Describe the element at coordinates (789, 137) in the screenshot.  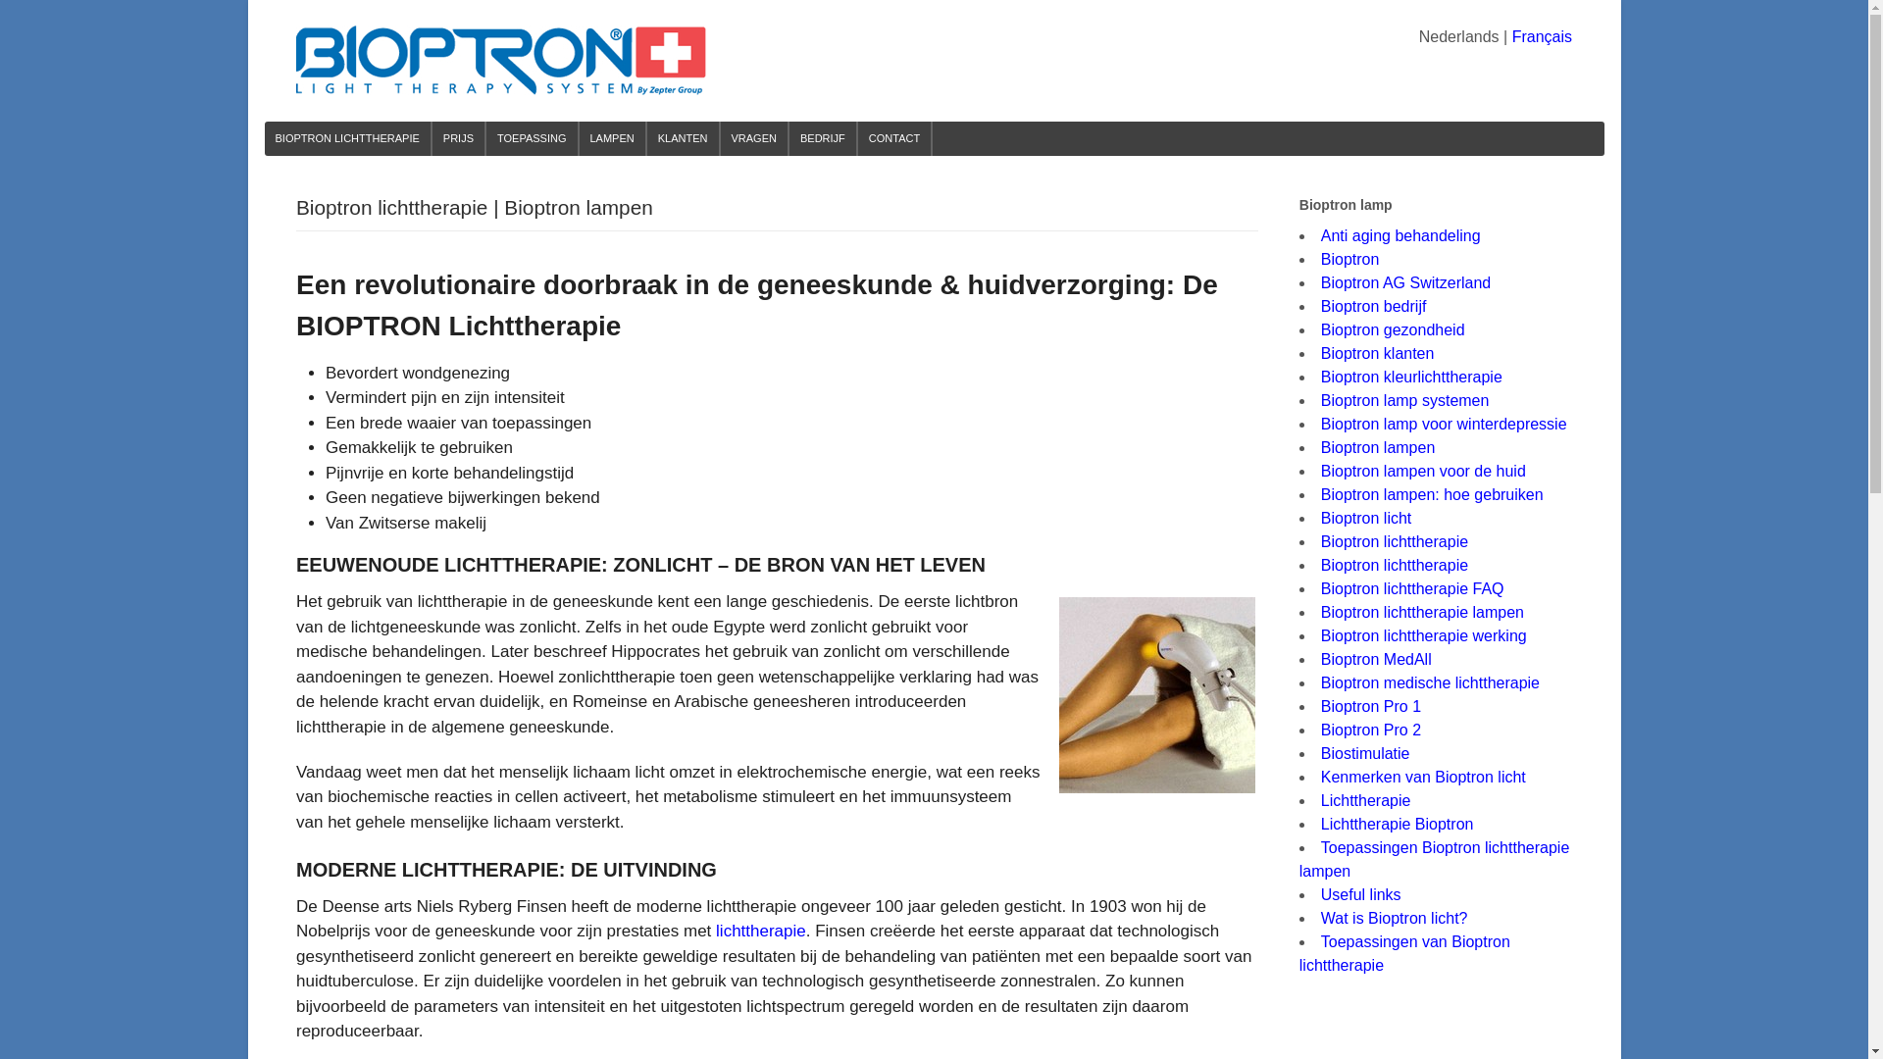
I see `'BEDRIJF'` at that location.